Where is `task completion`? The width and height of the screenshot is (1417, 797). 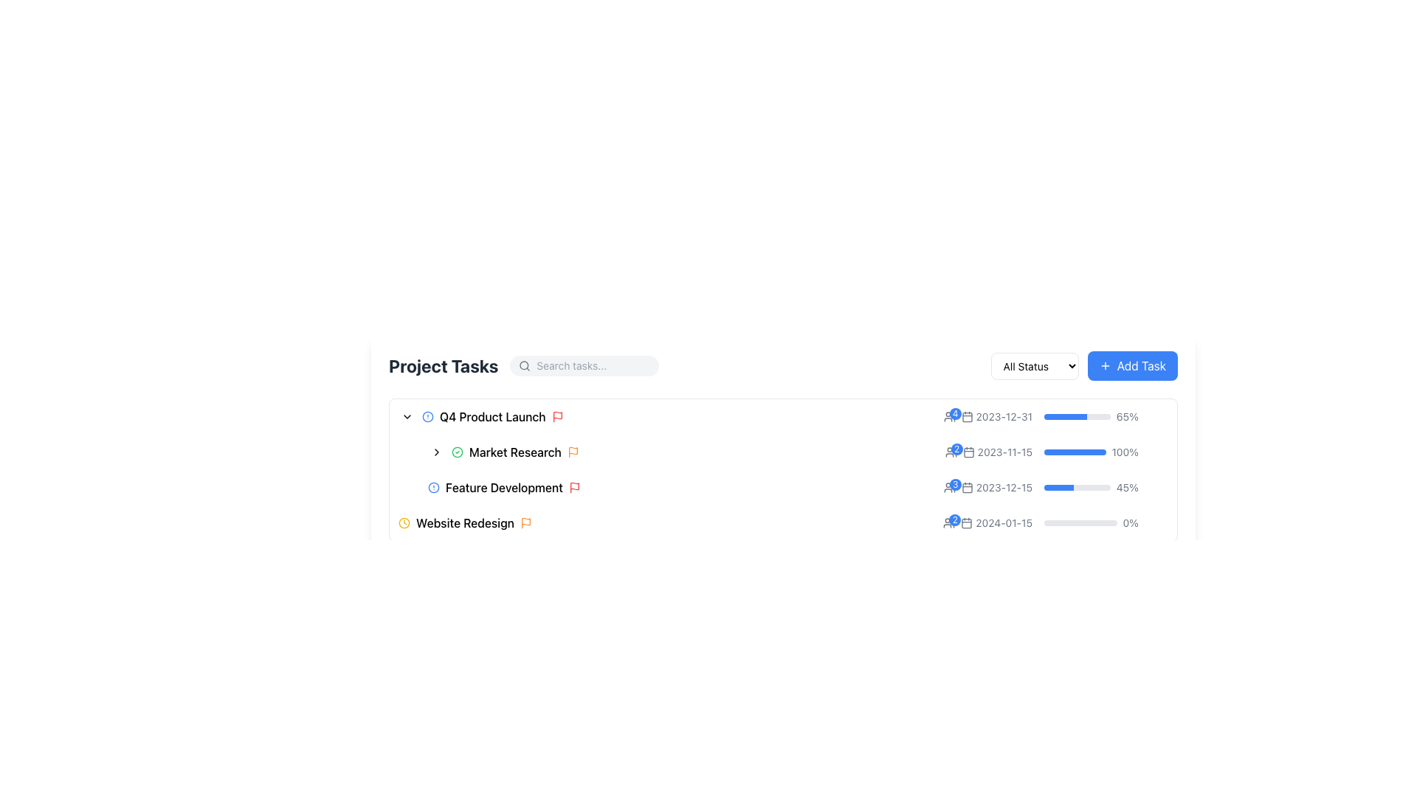 task completion is located at coordinates (1055, 416).